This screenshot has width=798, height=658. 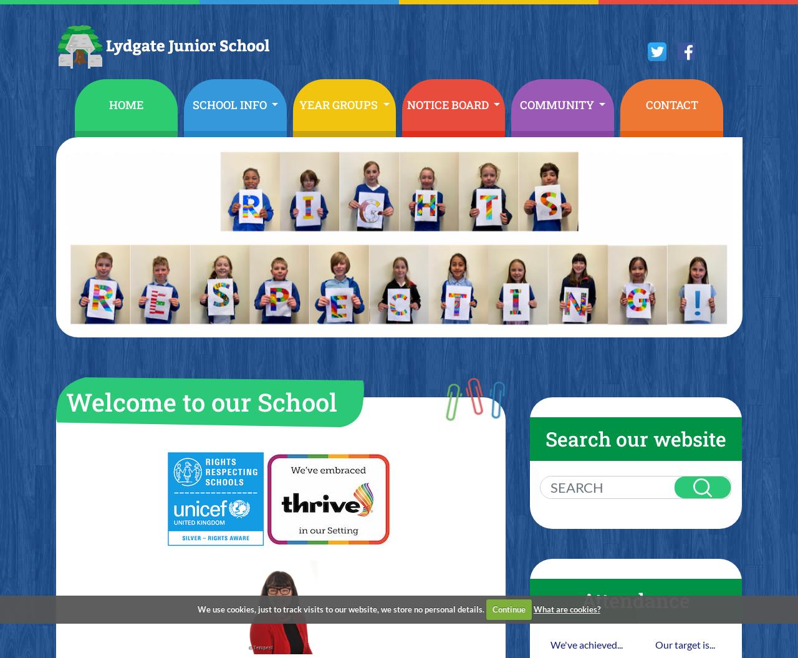 I want to click on 'Welcome to our School', so click(x=64, y=401).